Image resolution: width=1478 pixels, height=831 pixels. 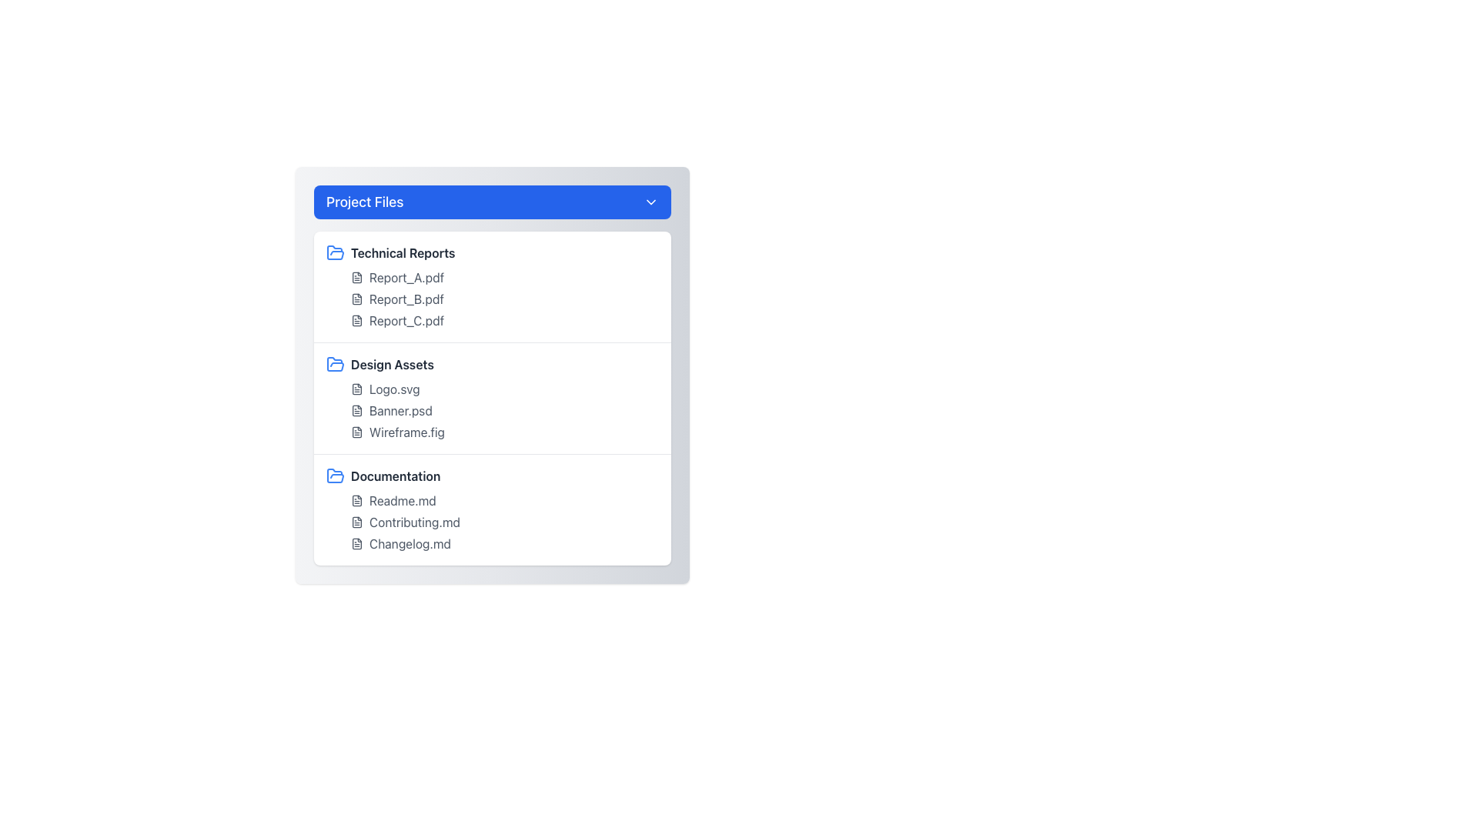 What do you see at coordinates (505, 501) in the screenshot?
I see `the list item indicating the presence of the file 'Readme.md'` at bounding box center [505, 501].